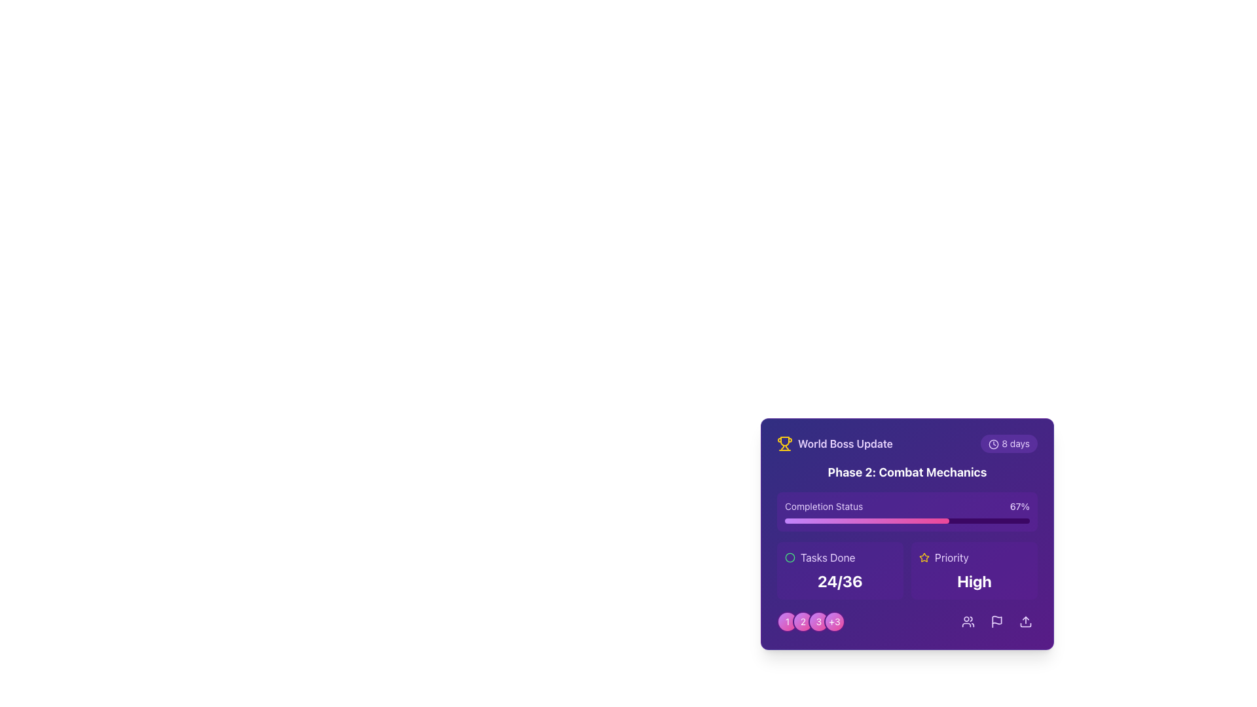 The image size is (1257, 707). Describe the element at coordinates (923, 558) in the screenshot. I see `the Icon located in the upper-right section of the card` at that location.